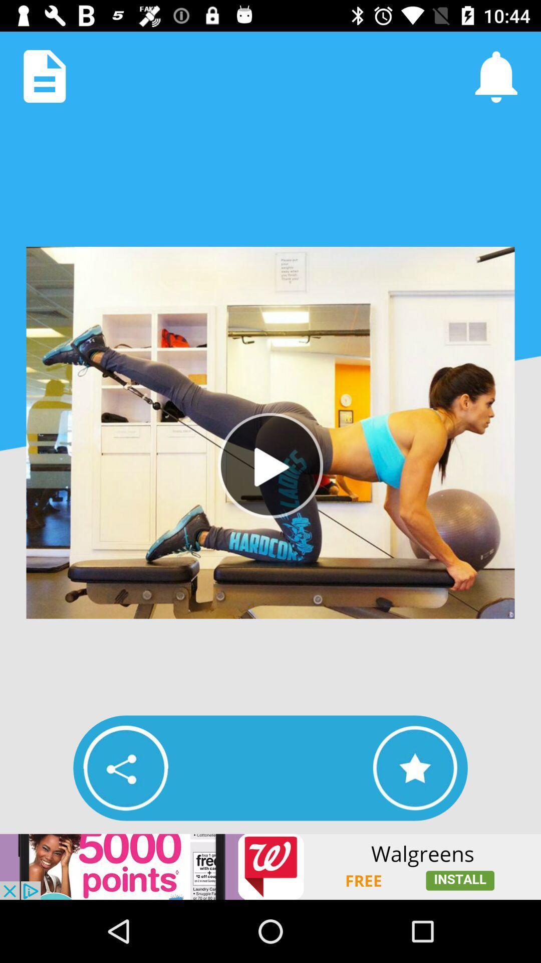 The image size is (541, 963). I want to click on clickable advertisement, so click(270, 866).